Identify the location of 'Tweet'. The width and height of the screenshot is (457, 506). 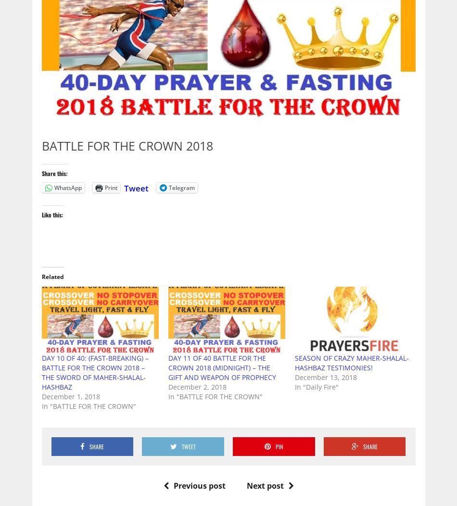
(135, 188).